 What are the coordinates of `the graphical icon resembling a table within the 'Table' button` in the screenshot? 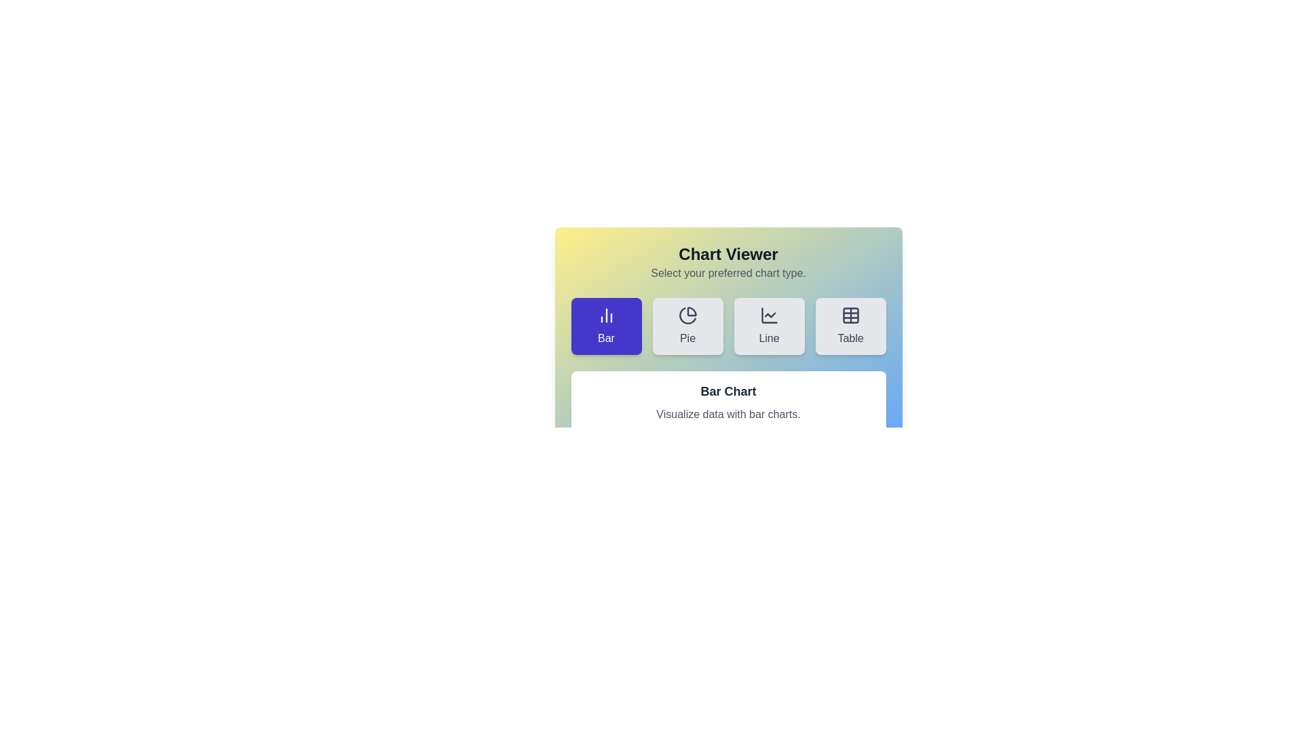 It's located at (850, 316).